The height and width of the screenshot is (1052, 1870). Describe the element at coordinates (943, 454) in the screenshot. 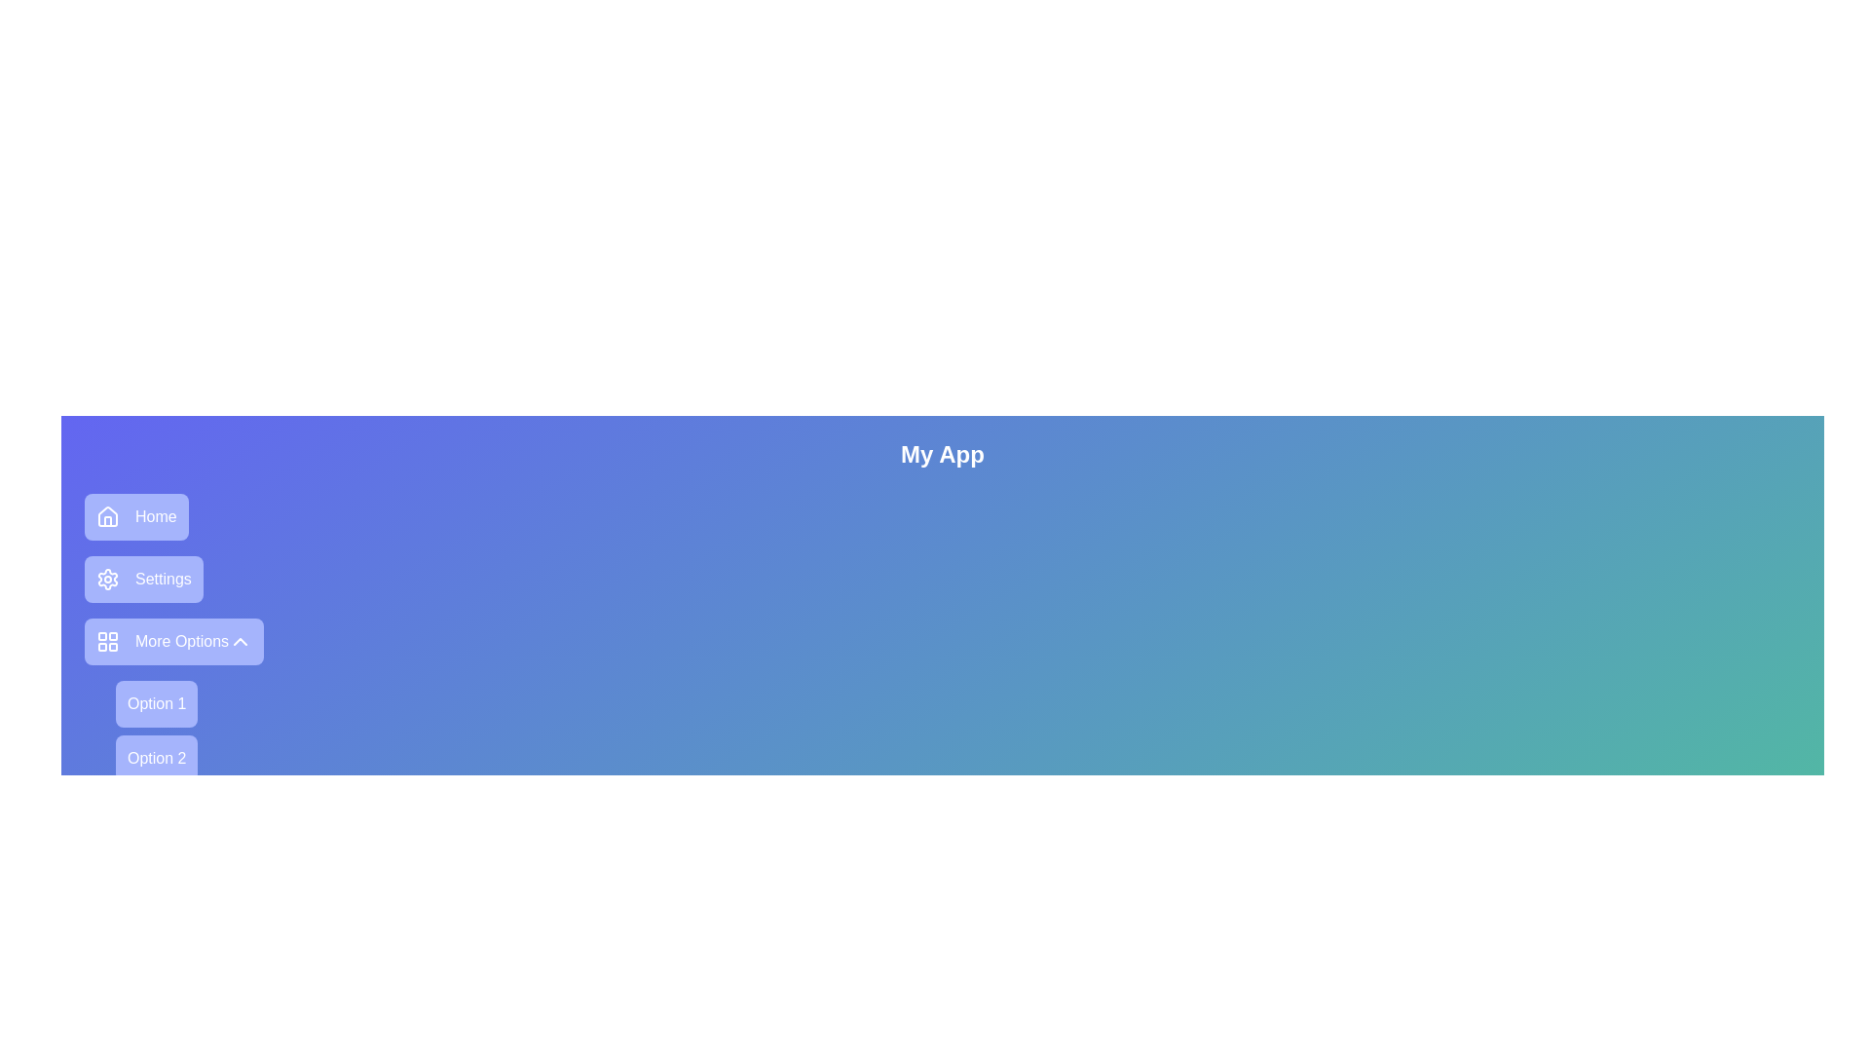

I see `text displayed on the header Text Label located at the top-center of the application interface` at that location.